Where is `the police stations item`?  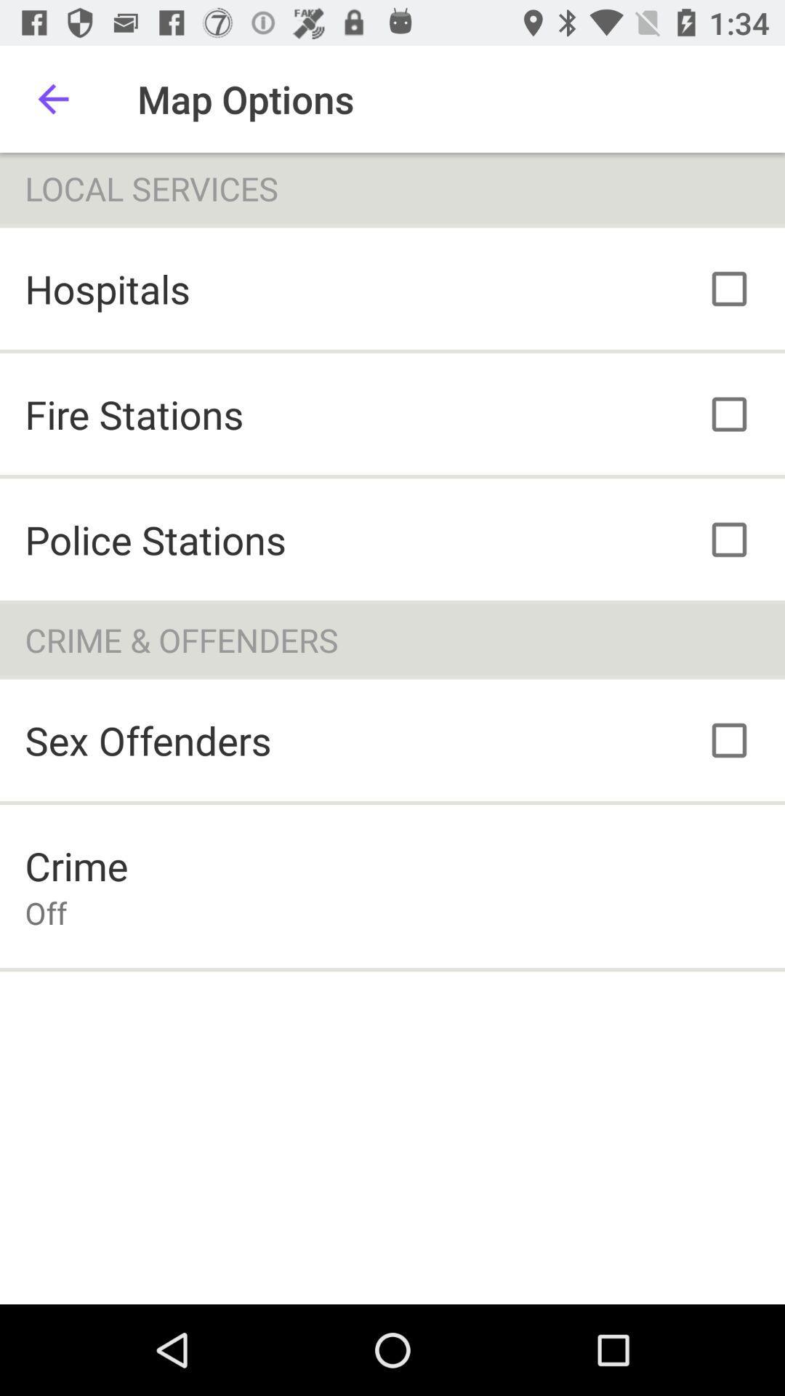
the police stations item is located at coordinates (156, 539).